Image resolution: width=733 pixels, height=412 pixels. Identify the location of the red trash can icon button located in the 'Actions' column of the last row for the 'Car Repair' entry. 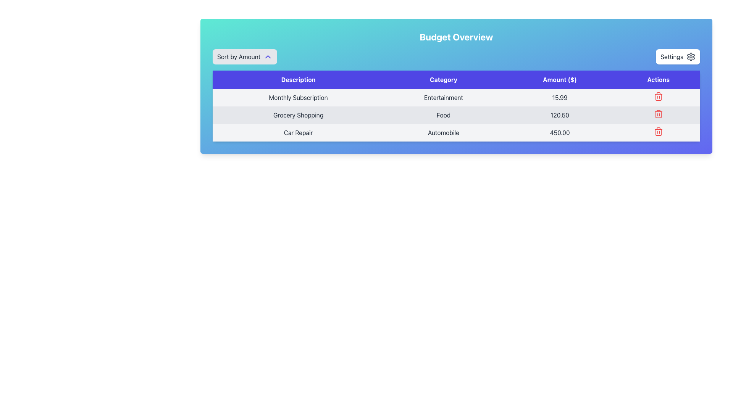
(658, 131).